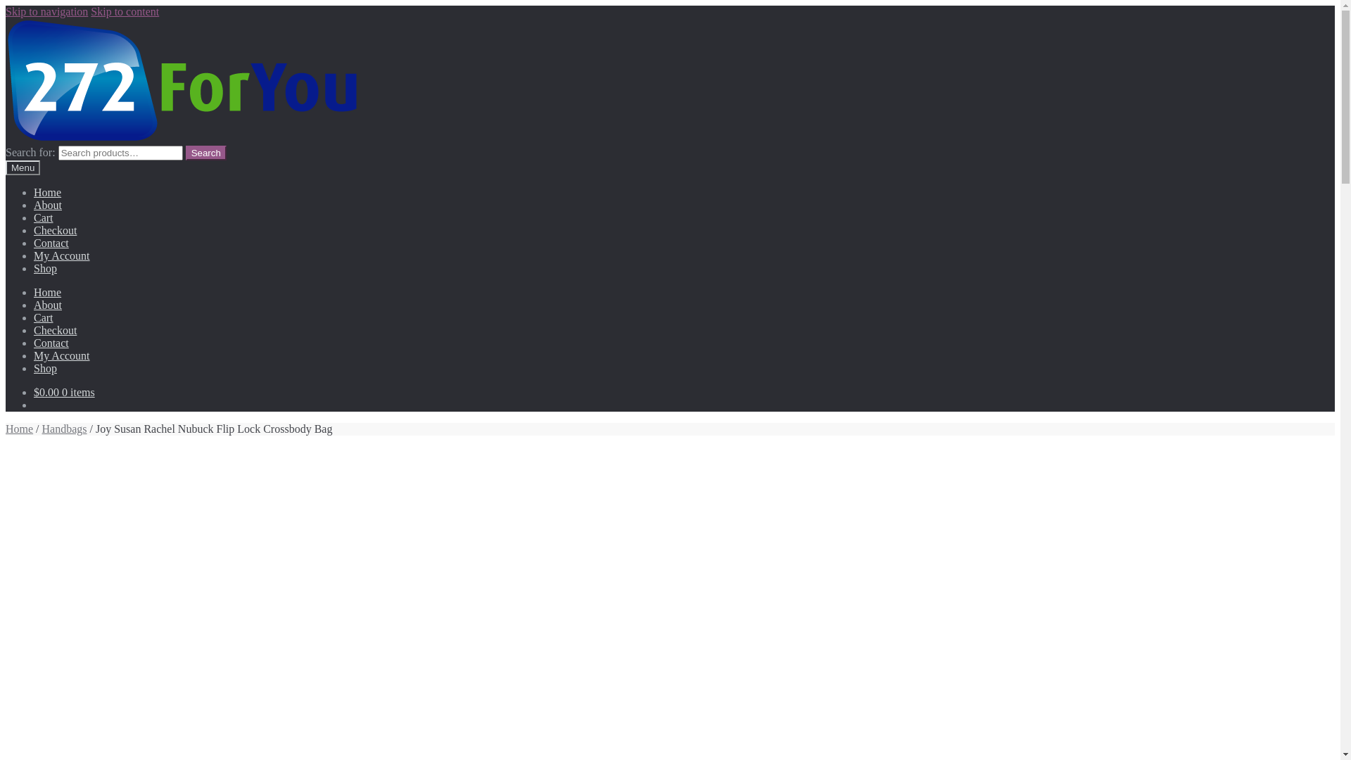 Image resolution: width=1351 pixels, height=760 pixels. I want to click on 'Skip to content', so click(125, 11).